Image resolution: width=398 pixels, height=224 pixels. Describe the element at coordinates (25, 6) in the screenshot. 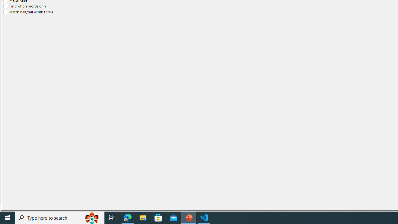

I see `'Find whole words only'` at that location.